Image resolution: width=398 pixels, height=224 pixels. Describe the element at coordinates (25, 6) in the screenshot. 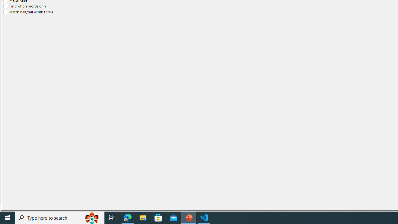

I see `'Find whole words only'` at that location.